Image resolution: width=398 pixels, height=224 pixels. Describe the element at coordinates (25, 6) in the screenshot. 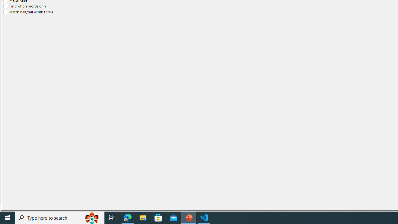

I see `'Find whole words only'` at that location.